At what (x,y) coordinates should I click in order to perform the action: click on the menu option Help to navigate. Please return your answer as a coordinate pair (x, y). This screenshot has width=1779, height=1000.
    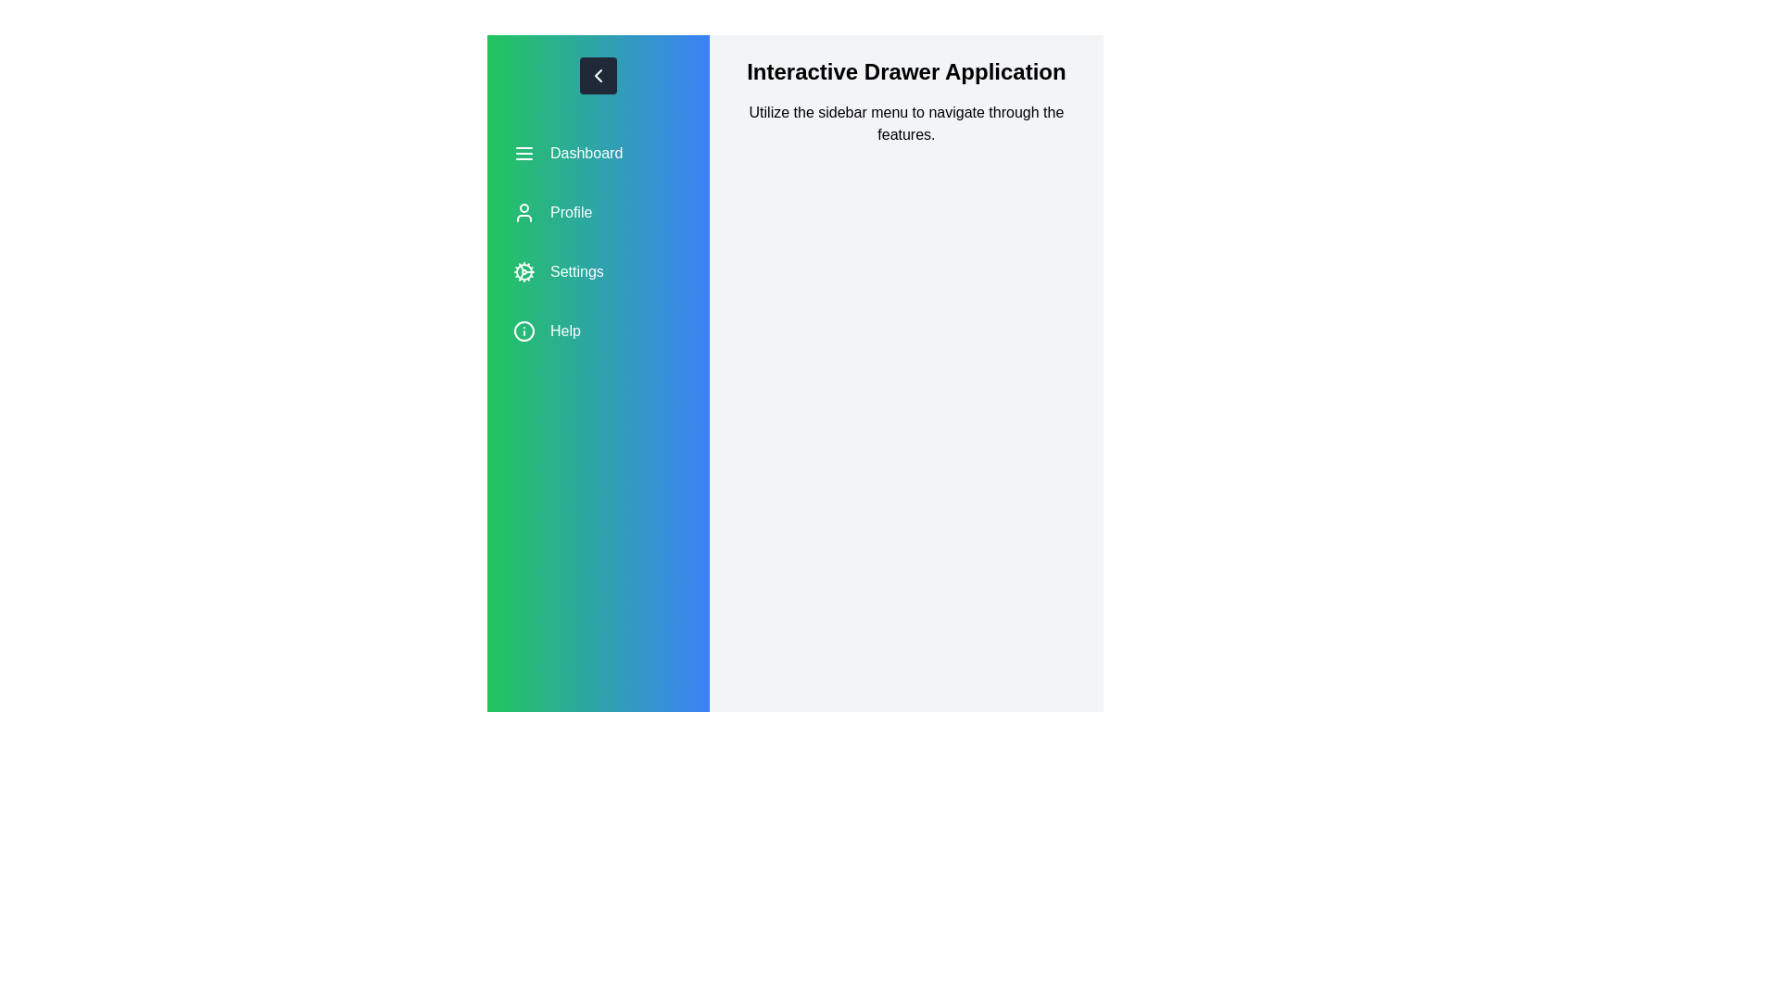
    Looking at the image, I should click on (598, 331).